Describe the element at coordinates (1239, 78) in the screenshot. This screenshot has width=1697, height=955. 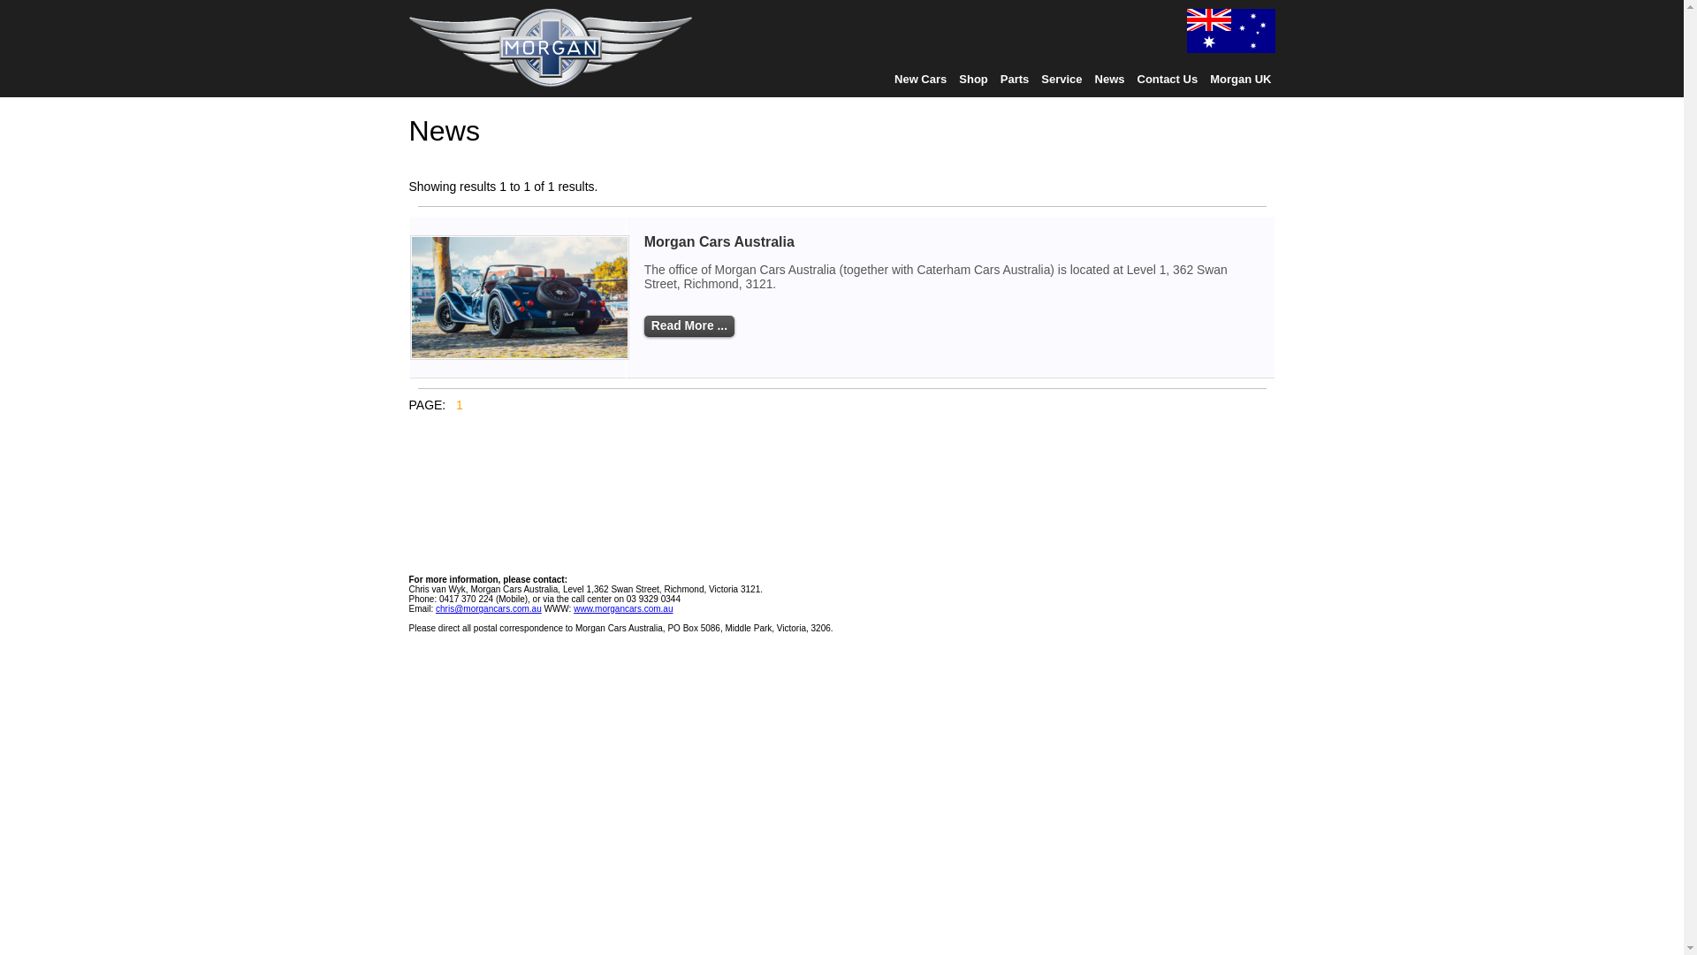
I see `'Morgan UK'` at that location.